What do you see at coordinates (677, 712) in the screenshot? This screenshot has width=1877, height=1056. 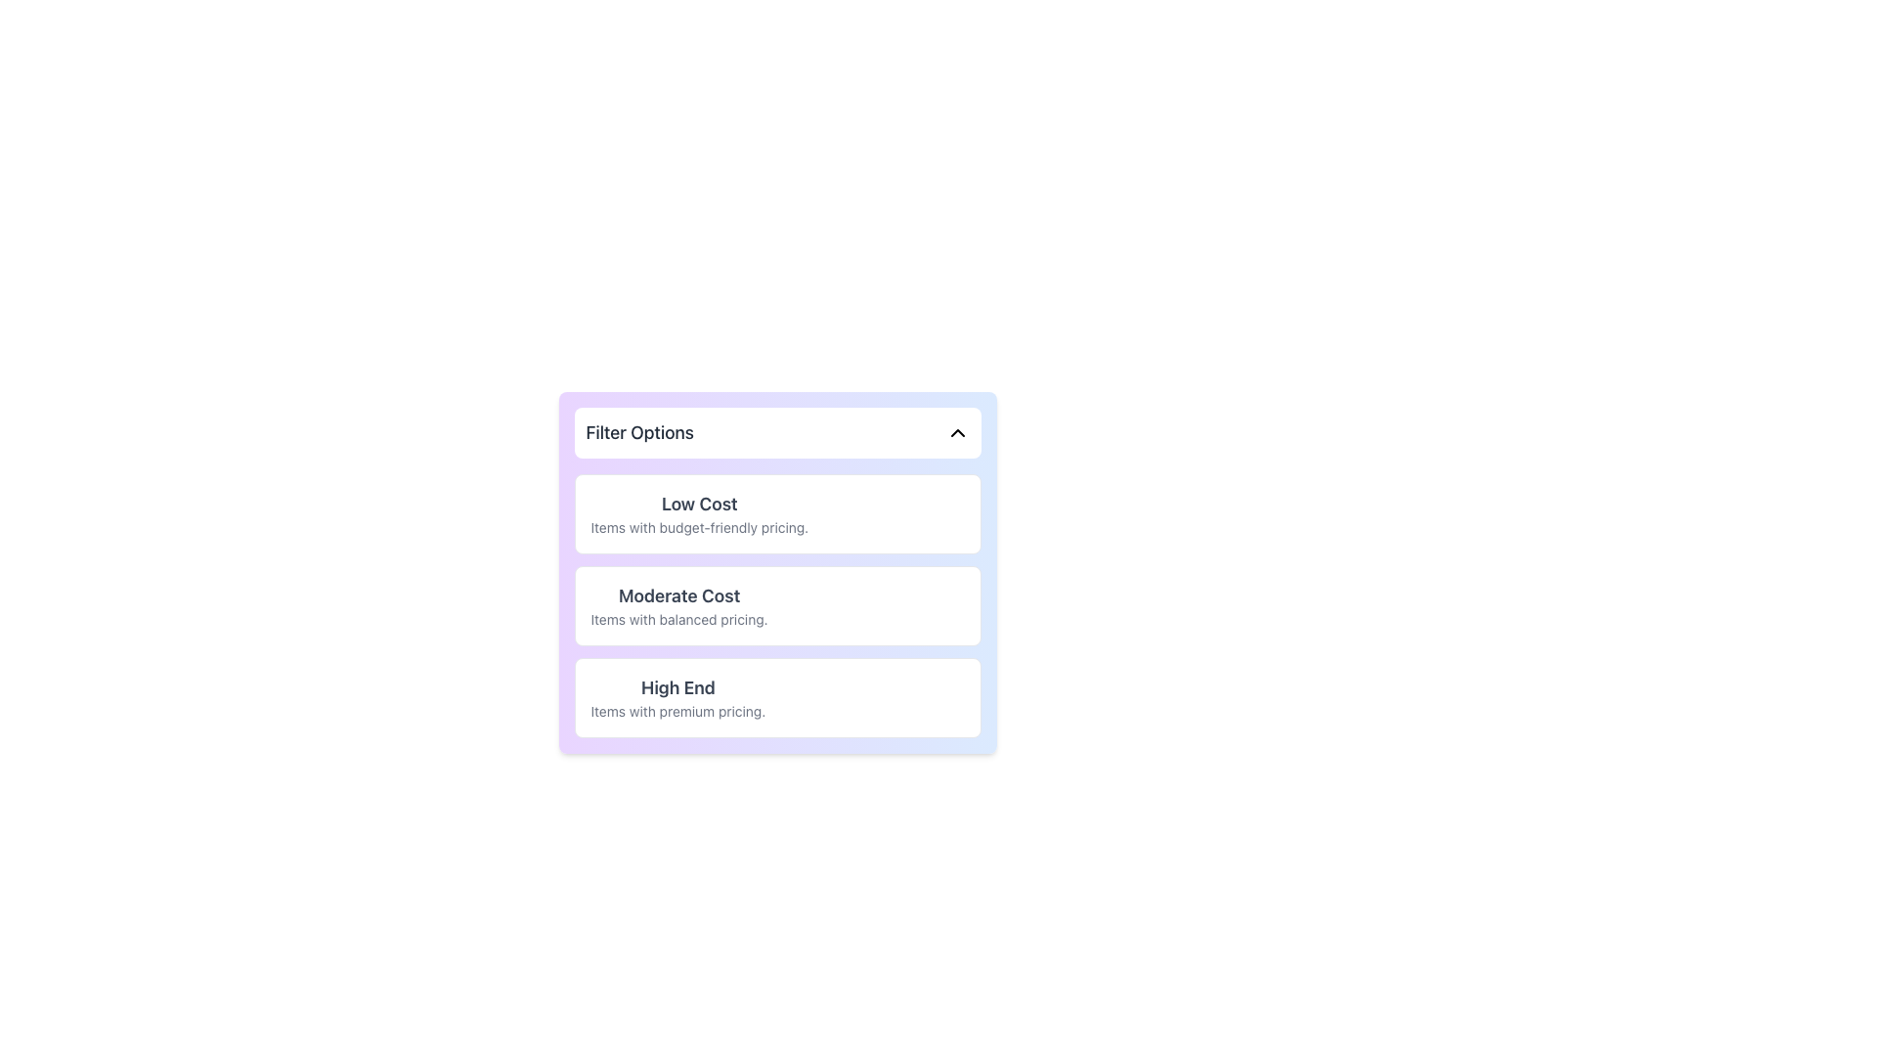 I see `text label that says 'Items with premium pricing.' which is situated beneath the bold 'High End' text in the Filter Options section` at bounding box center [677, 712].